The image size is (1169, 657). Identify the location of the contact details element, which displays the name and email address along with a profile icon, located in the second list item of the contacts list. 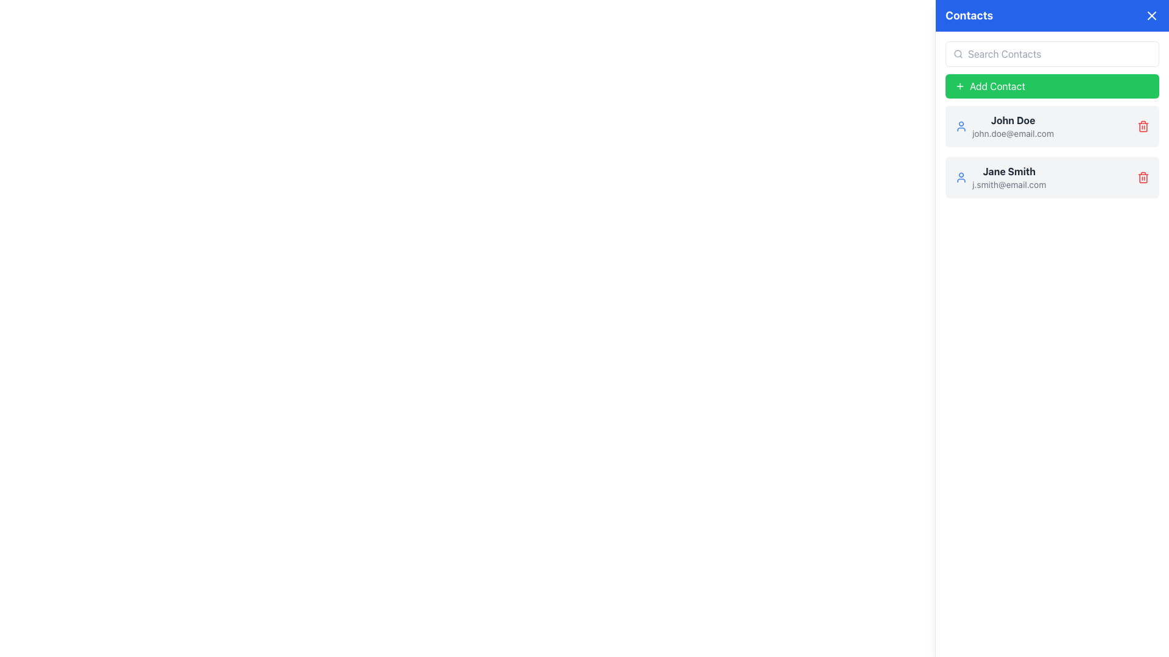
(1000, 178).